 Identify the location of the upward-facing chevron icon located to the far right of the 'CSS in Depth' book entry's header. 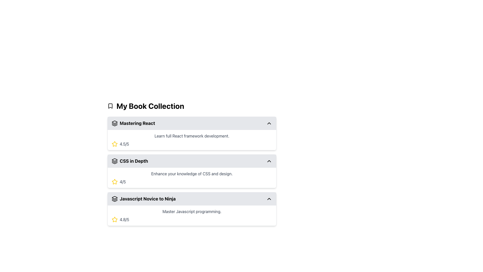
(269, 161).